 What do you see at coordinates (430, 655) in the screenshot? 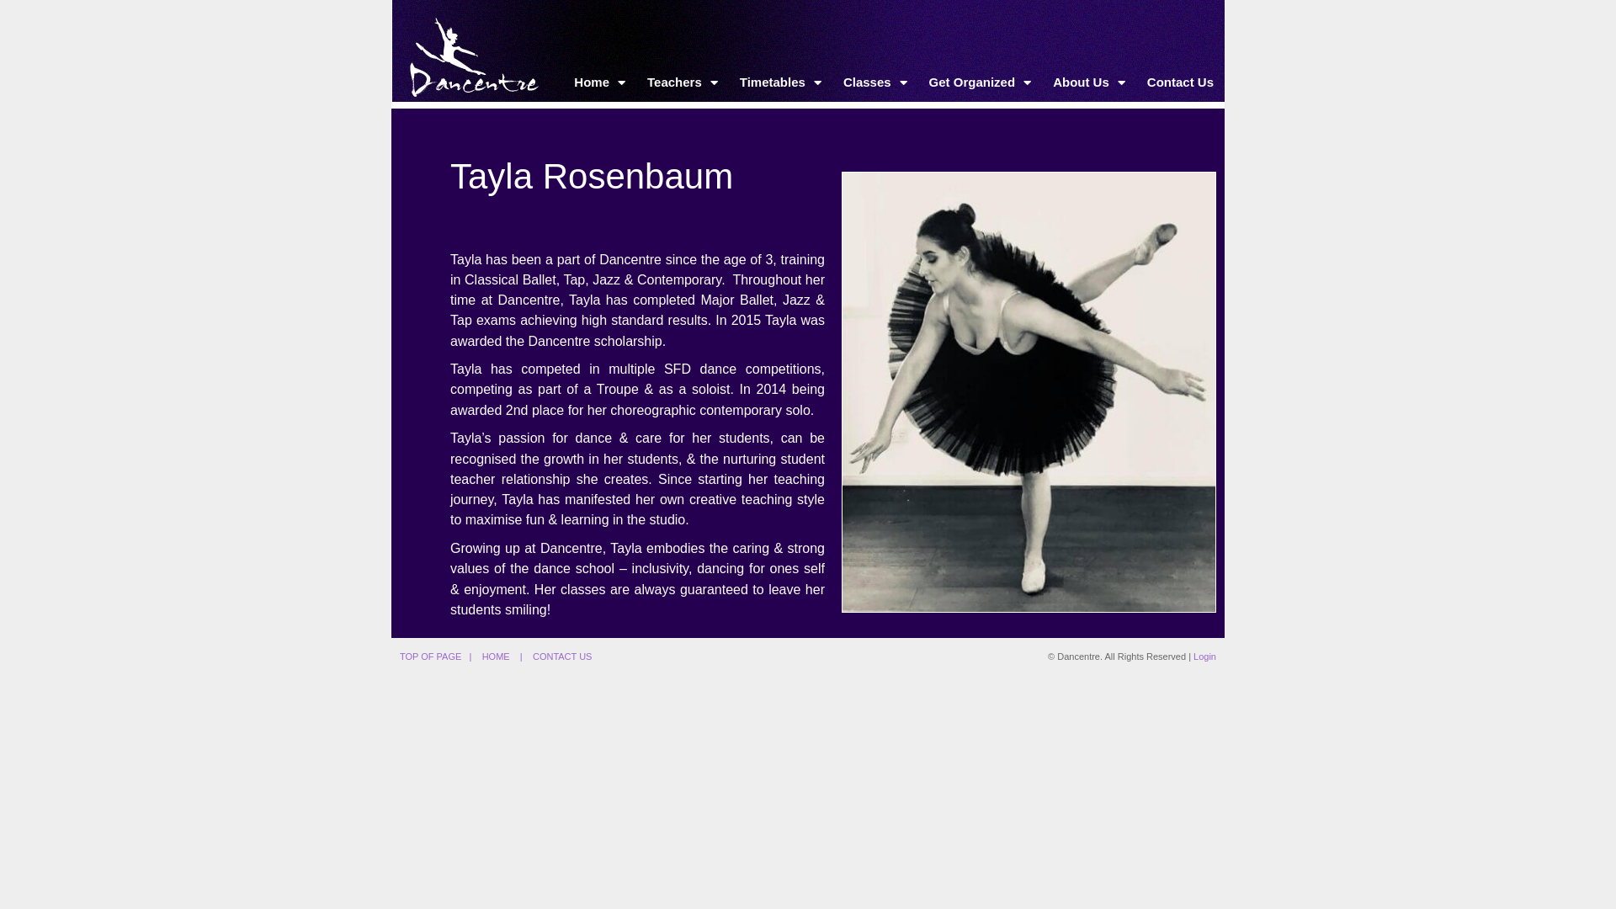
I see `'TOP OF PAGE'` at bounding box center [430, 655].